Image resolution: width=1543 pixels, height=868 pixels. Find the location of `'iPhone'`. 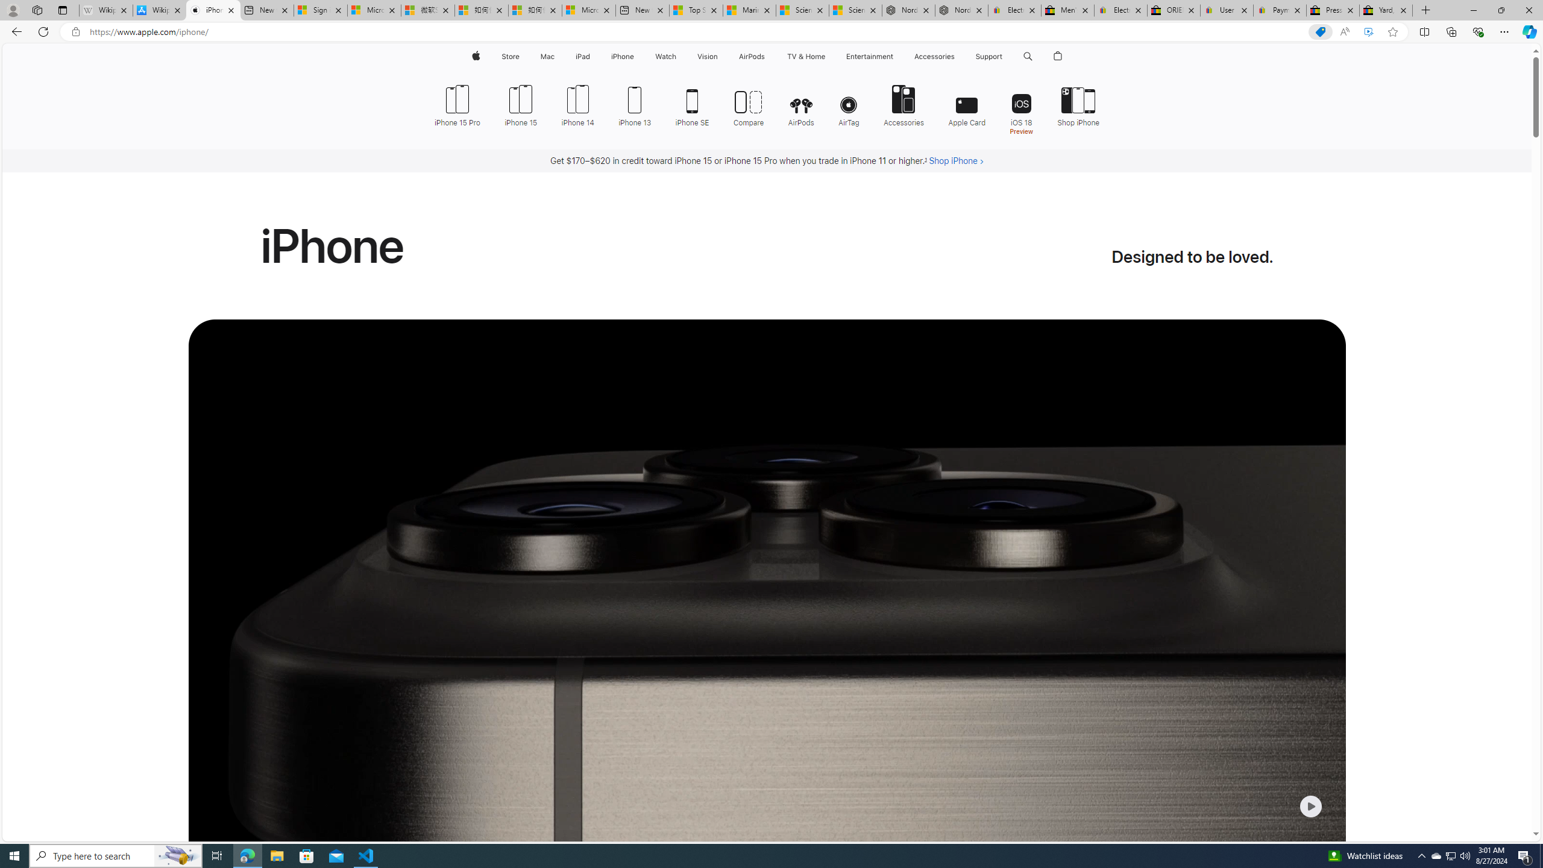

'iPhone' is located at coordinates (621, 56).